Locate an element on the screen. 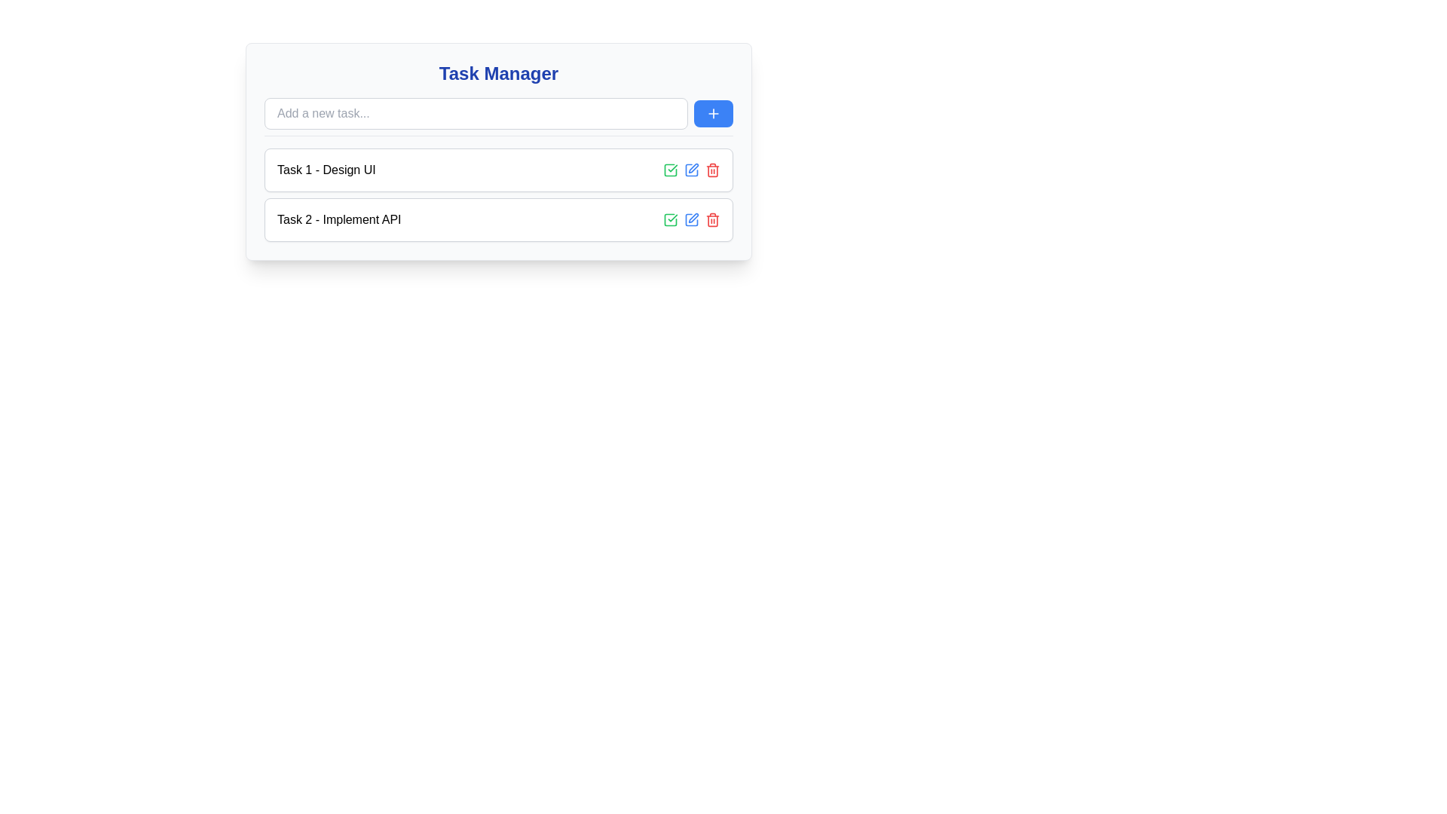 The width and height of the screenshot is (1447, 814). the static text element that displays the task name, positioned below 'Task 1 - Design UI' in the interface is located at coordinates (338, 220).